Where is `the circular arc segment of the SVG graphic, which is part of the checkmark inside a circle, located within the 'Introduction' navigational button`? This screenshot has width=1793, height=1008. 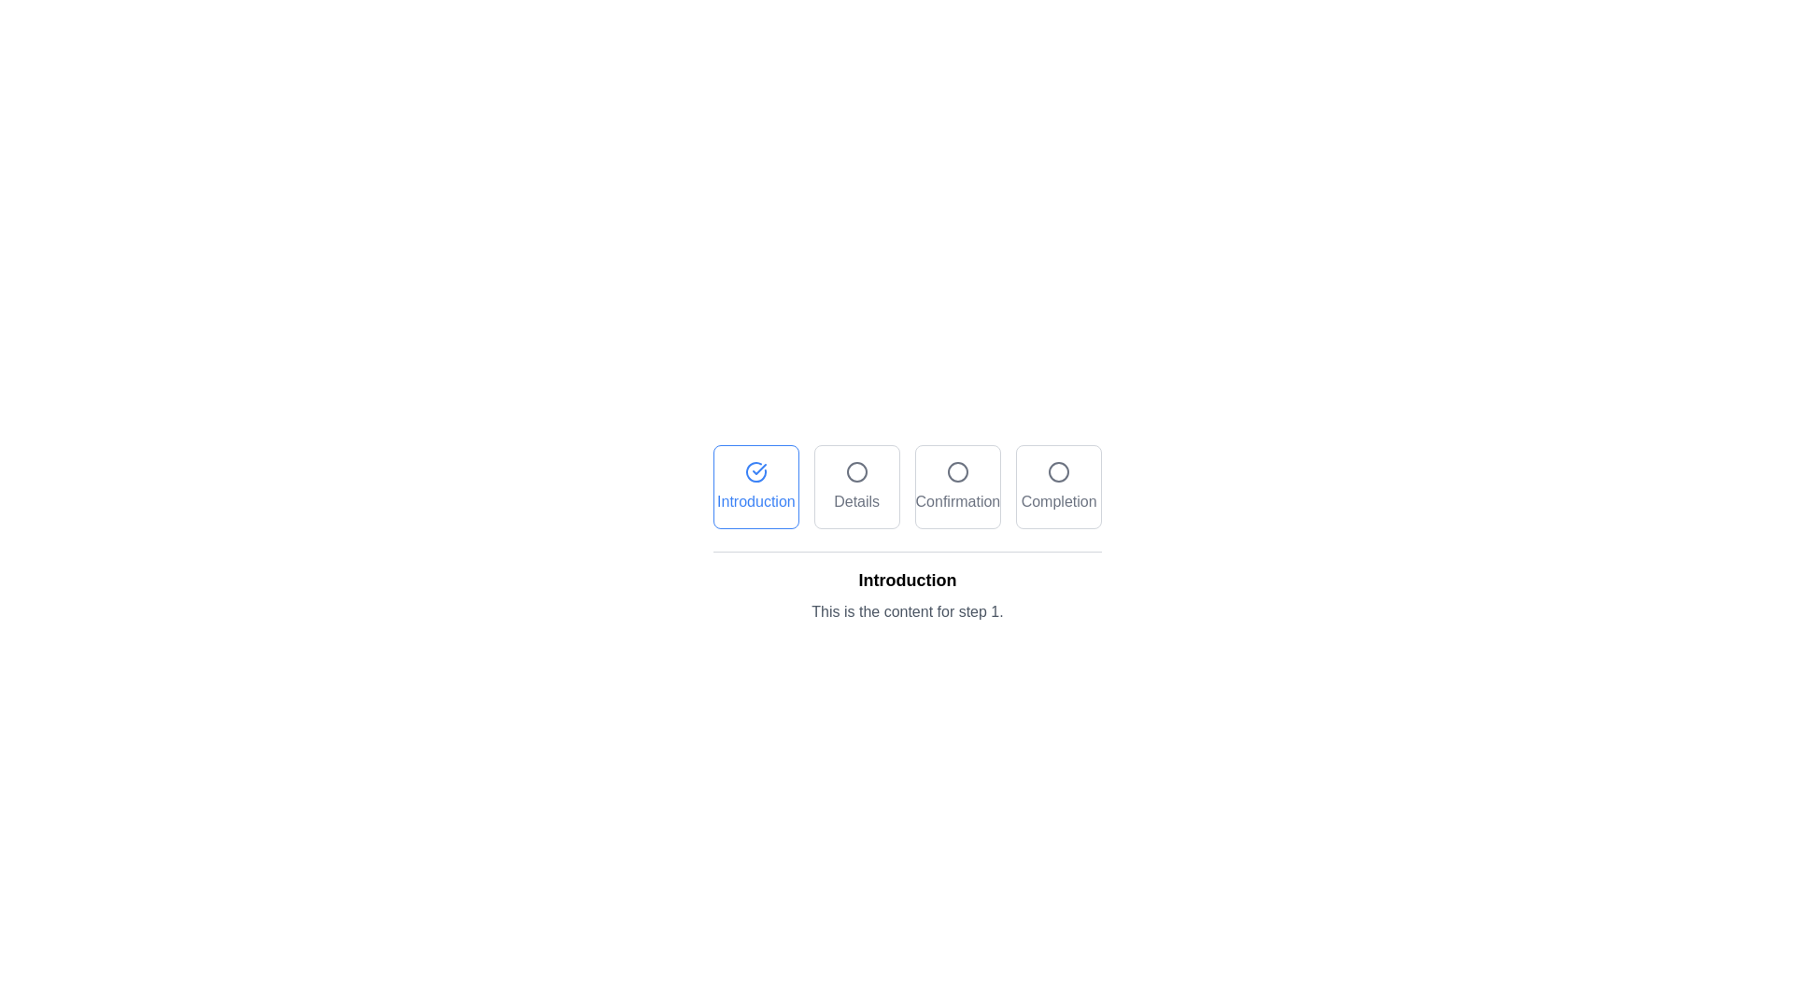
the circular arc segment of the SVG graphic, which is part of the checkmark inside a circle, located within the 'Introduction' navigational button is located at coordinates (755, 470).